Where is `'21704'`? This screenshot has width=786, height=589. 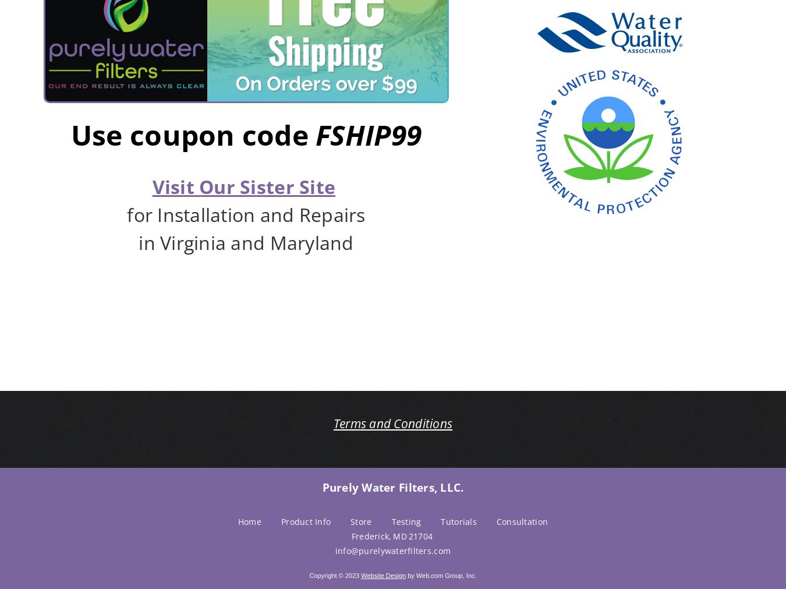
'21704' is located at coordinates (419, 535).